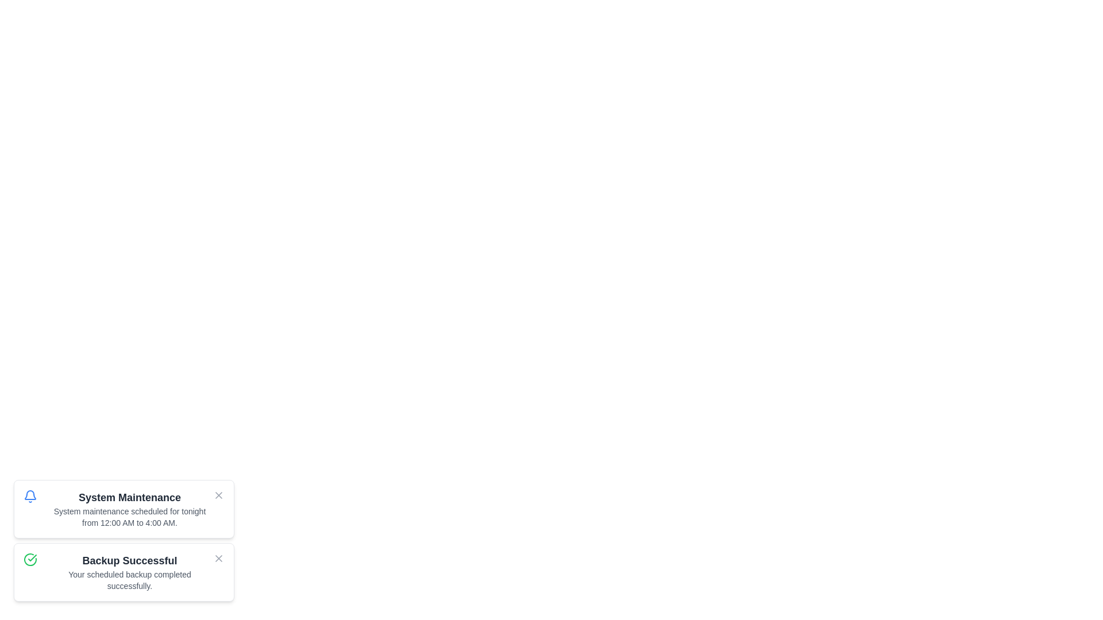 This screenshot has width=1103, height=620. I want to click on text 'Backup Successful' displayed in a bold font within the second notification card below 'System Maintenance', so click(129, 560).